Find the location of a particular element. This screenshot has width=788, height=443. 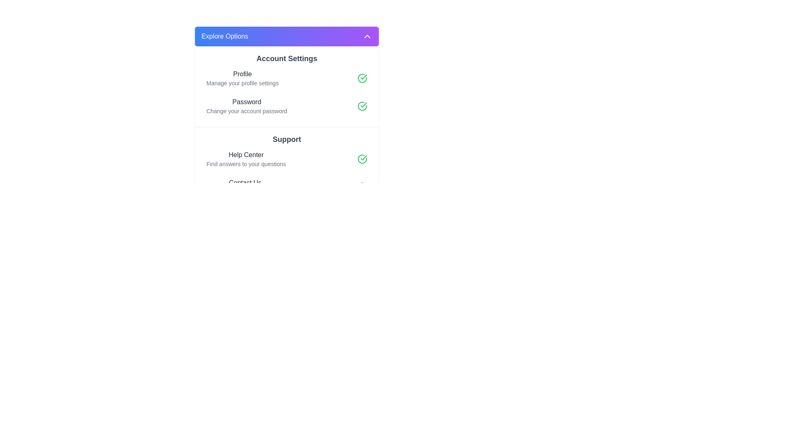

the SVG-based icon representing a circle with a checkmark, located near the top-right of the 'Contact Us' section in the 'Support' category is located at coordinates (362, 187).